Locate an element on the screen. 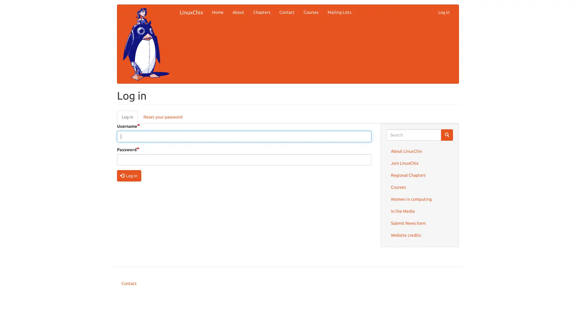  Search is located at coordinates (447, 134).